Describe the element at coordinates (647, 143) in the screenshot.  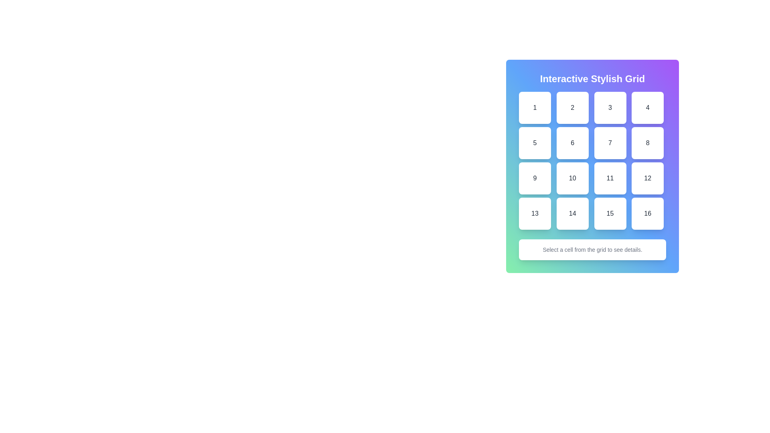
I see `the grid cell button labeled '8' located` at that location.